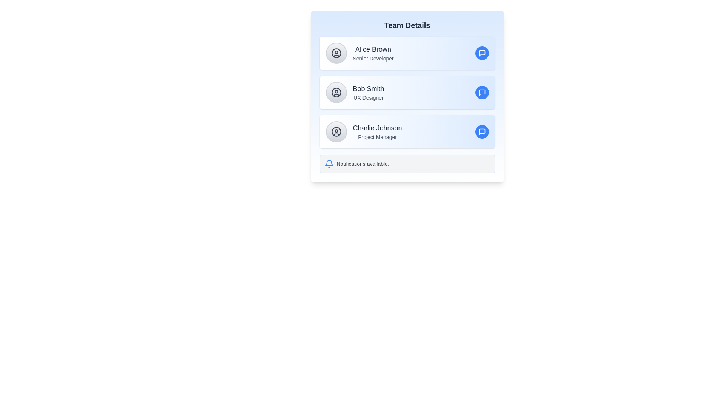 This screenshot has width=725, height=408. What do you see at coordinates (377, 131) in the screenshot?
I see `the third team member's profile summary in the blue panel labeled 'Team Details', which is located below 'Bob Smith, UX Designer'` at bounding box center [377, 131].